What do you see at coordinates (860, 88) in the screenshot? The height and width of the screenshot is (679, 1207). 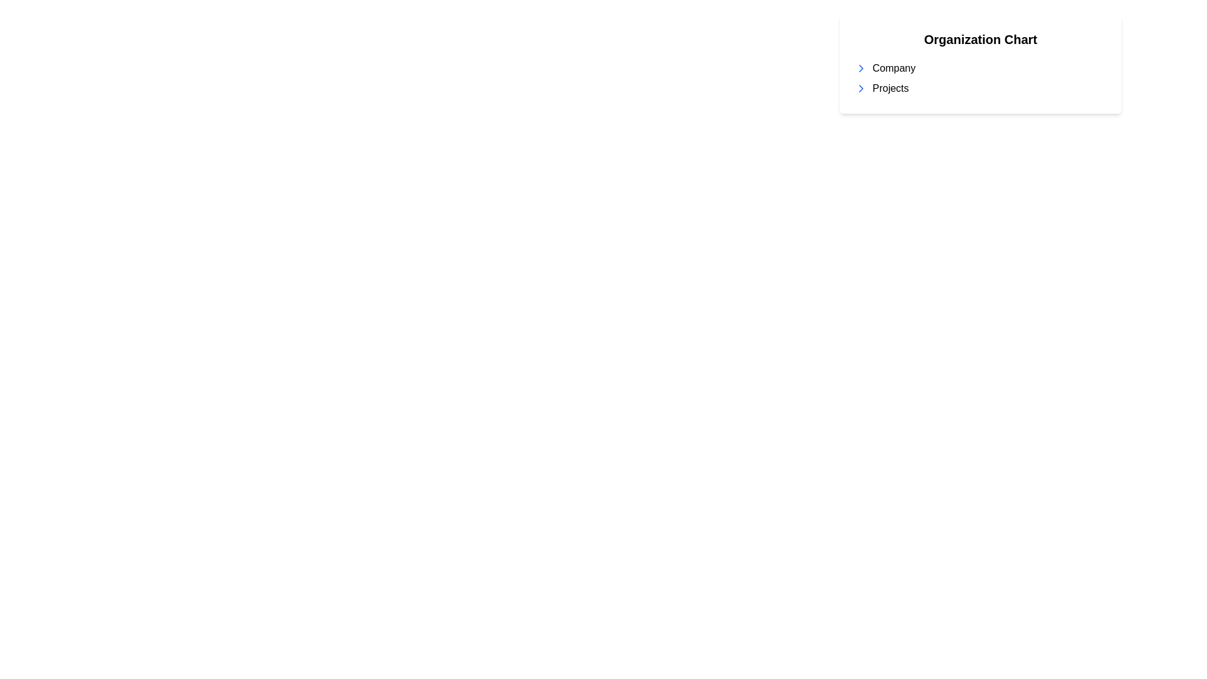 I see `the Chevron Icon located to the left of the 'Projects' text label under the 'Organization Chart' header` at bounding box center [860, 88].